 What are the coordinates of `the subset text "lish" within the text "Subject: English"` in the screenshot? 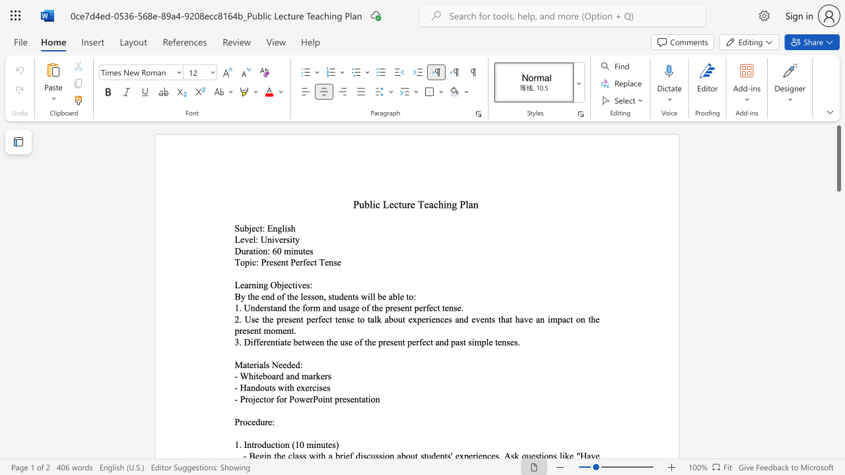 It's located at (281, 228).